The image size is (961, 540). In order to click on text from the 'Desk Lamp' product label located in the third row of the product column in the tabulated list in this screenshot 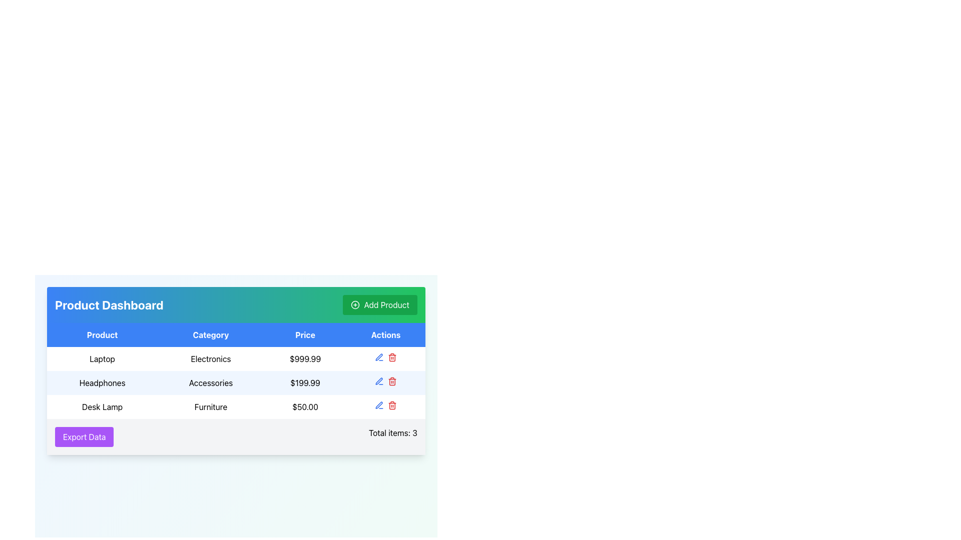, I will do `click(102, 406)`.